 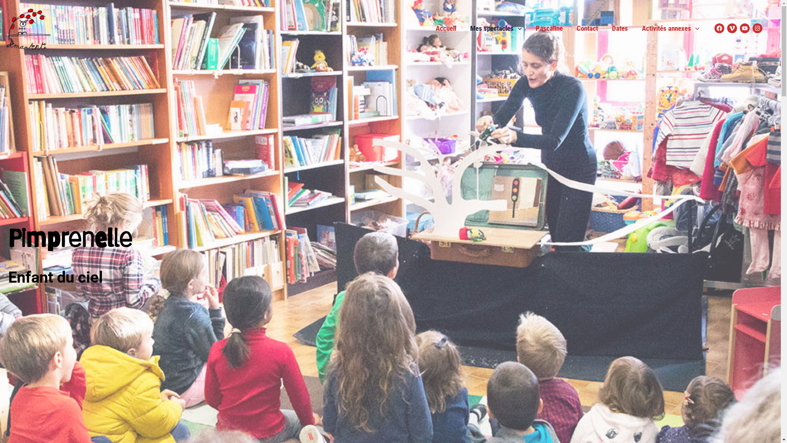 I want to click on 'Instagram', so click(x=757, y=28).